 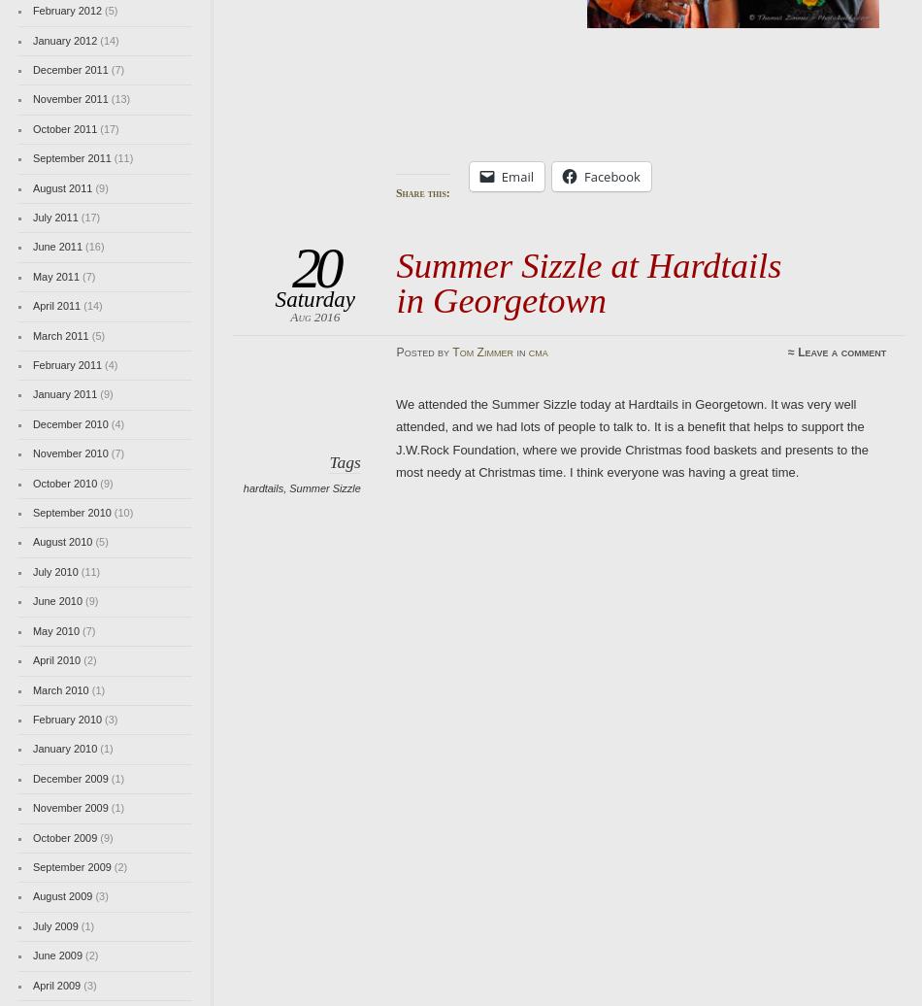 What do you see at coordinates (60, 334) in the screenshot?
I see `'March 2011'` at bounding box center [60, 334].